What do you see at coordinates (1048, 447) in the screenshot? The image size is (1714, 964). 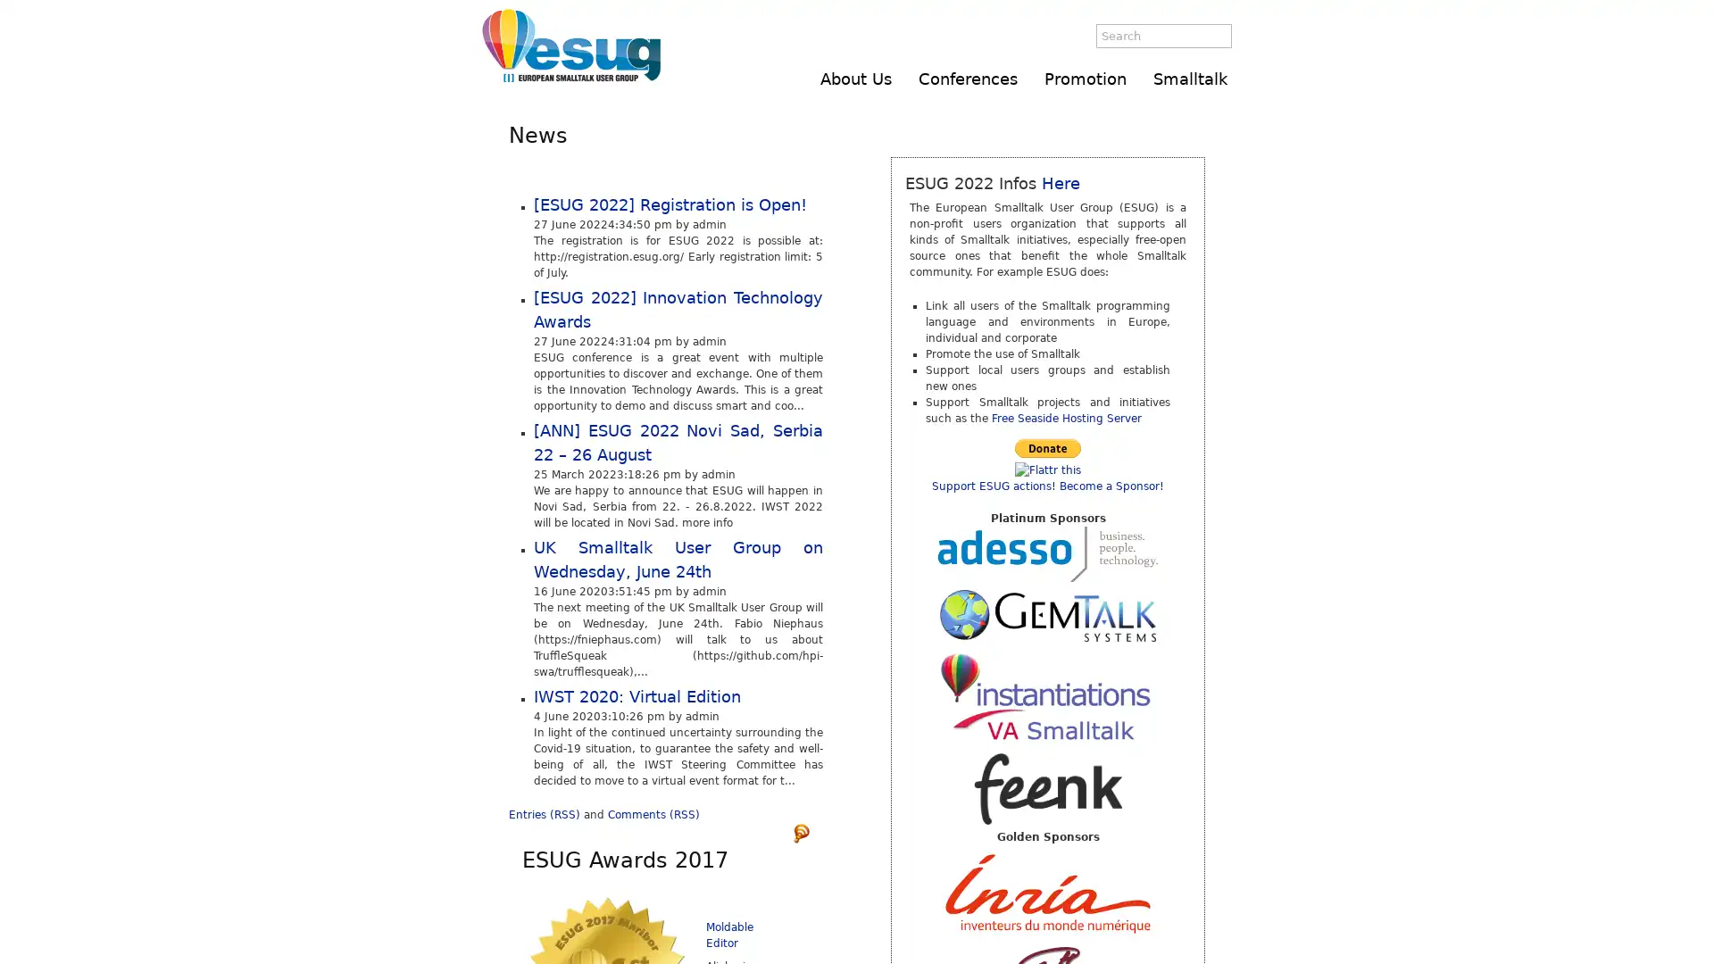 I see `Make payments with PayPal - it's fast, free and secure!` at bounding box center [1048, 447].